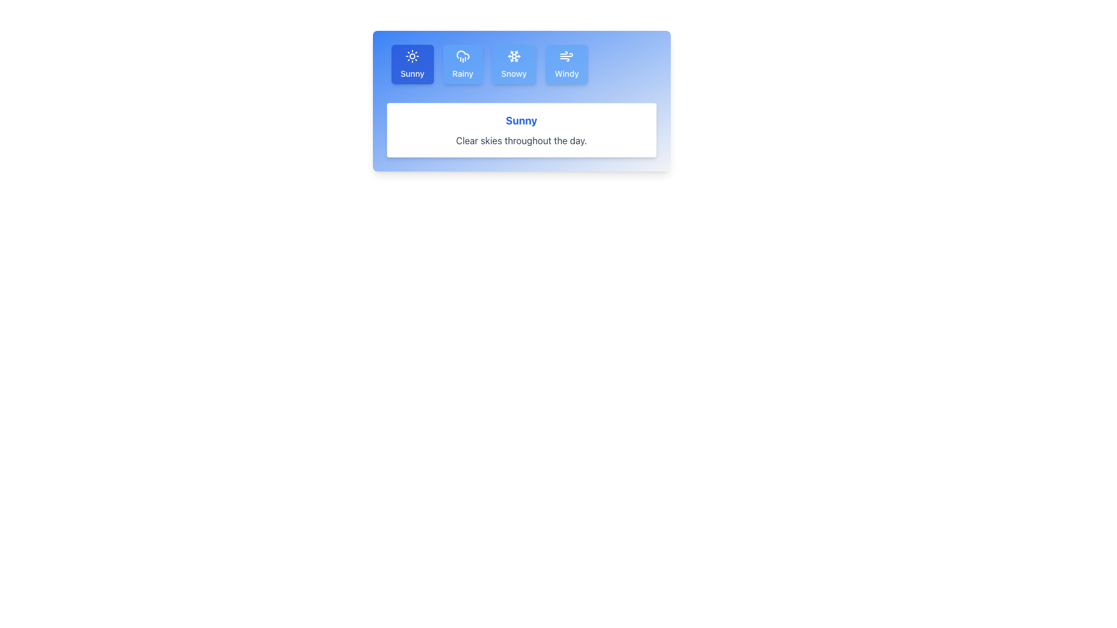 This screenshot has height=628, width=1117. Describe the element at coordinates (462, 65) in the screenshot. I see `the light blue 'Rainy' button with a white rain cloud icon, positioned between the 'Sunny' and 'Snowy' buttons` at that location.